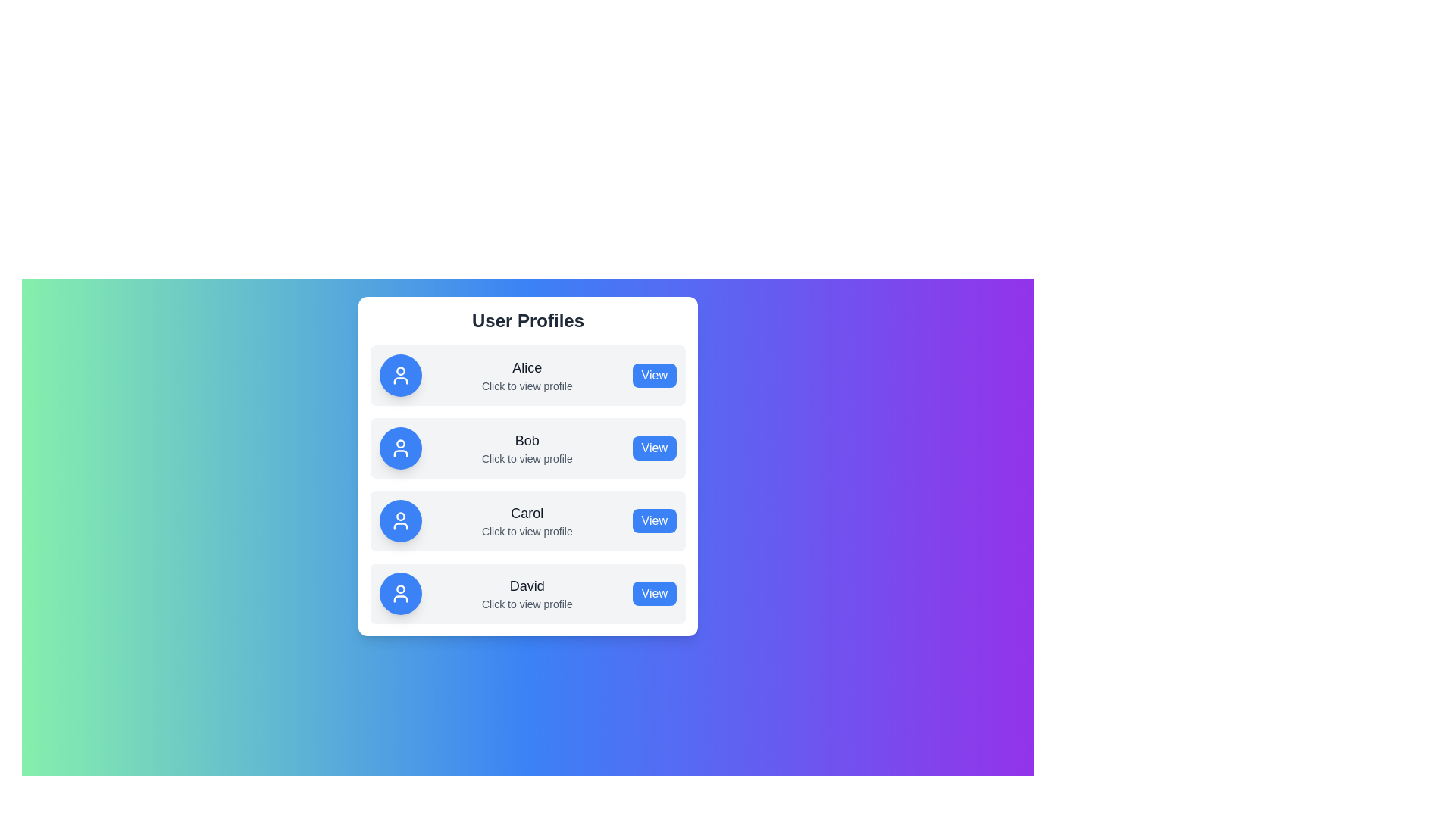 The image size is (1455, 818). What do you see at coordinates (654, 375) in the screenshot?
I see `the button located at the rightmost side of the list item labeled 'Alice'` at bounding box center [654, 375].